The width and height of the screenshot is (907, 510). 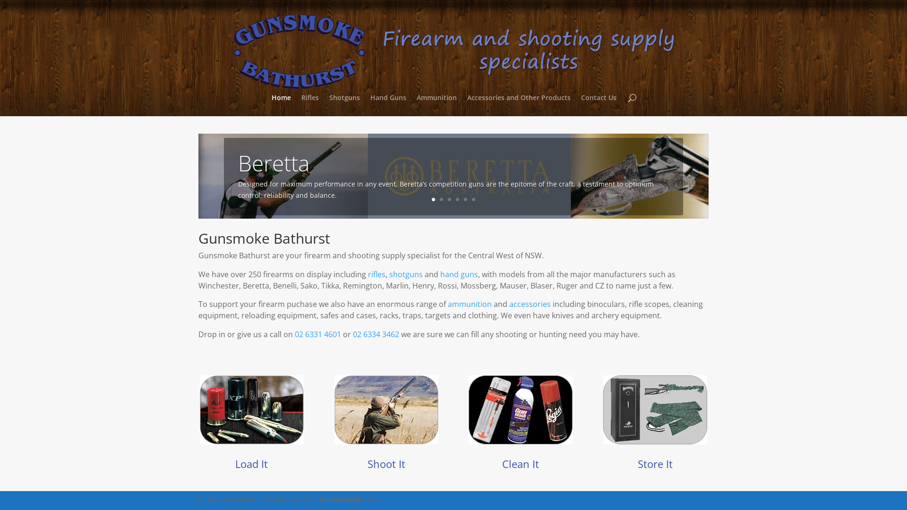 What do you see at coordinates (344, 105) in the screenshot?
I see `'Shotguns'` at bounding box center [344, 105].